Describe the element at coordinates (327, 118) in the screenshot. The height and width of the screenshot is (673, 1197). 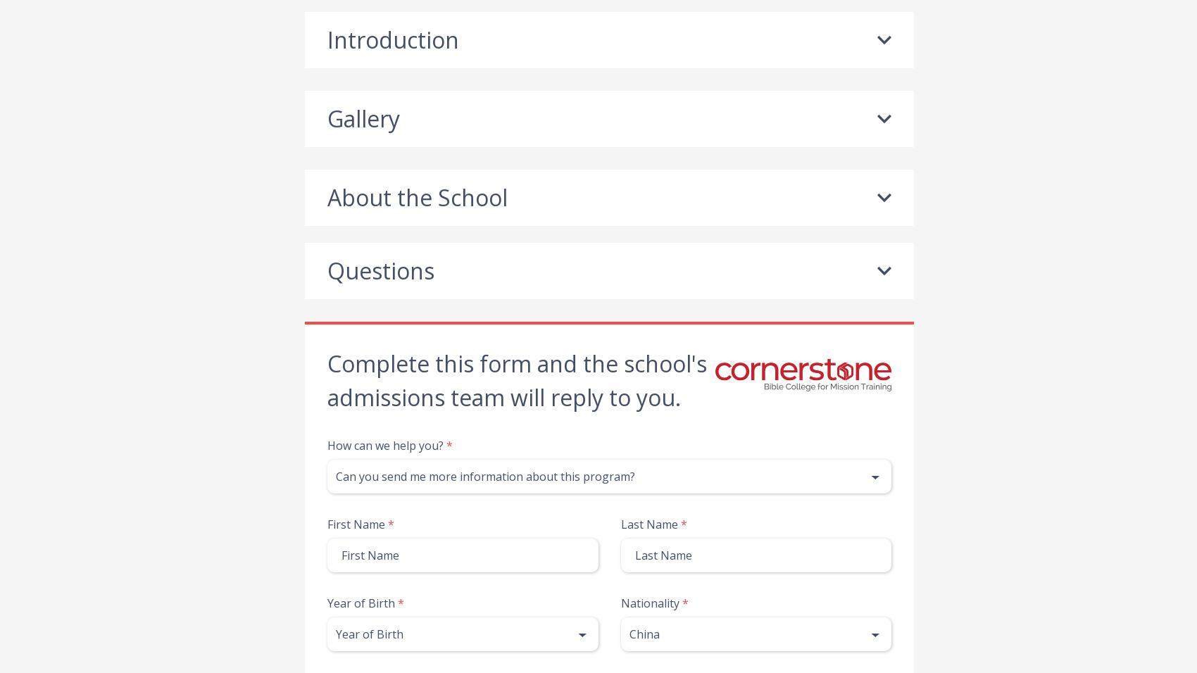
I see `'Gallery'` at that location.